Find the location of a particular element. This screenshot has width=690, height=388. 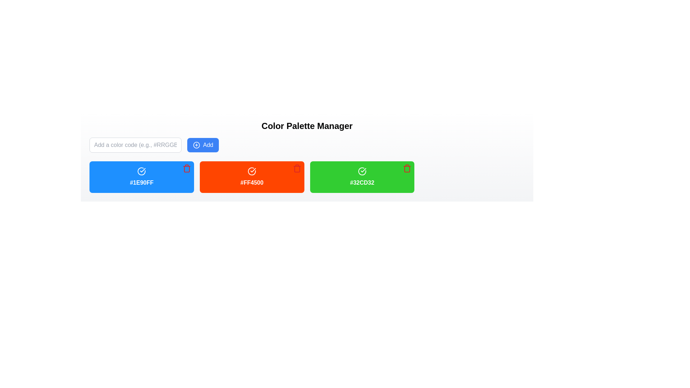

the trash bin icon button located at the top-right corner of the green card labeled '#32CD32' is located at coordinates (407, 168).